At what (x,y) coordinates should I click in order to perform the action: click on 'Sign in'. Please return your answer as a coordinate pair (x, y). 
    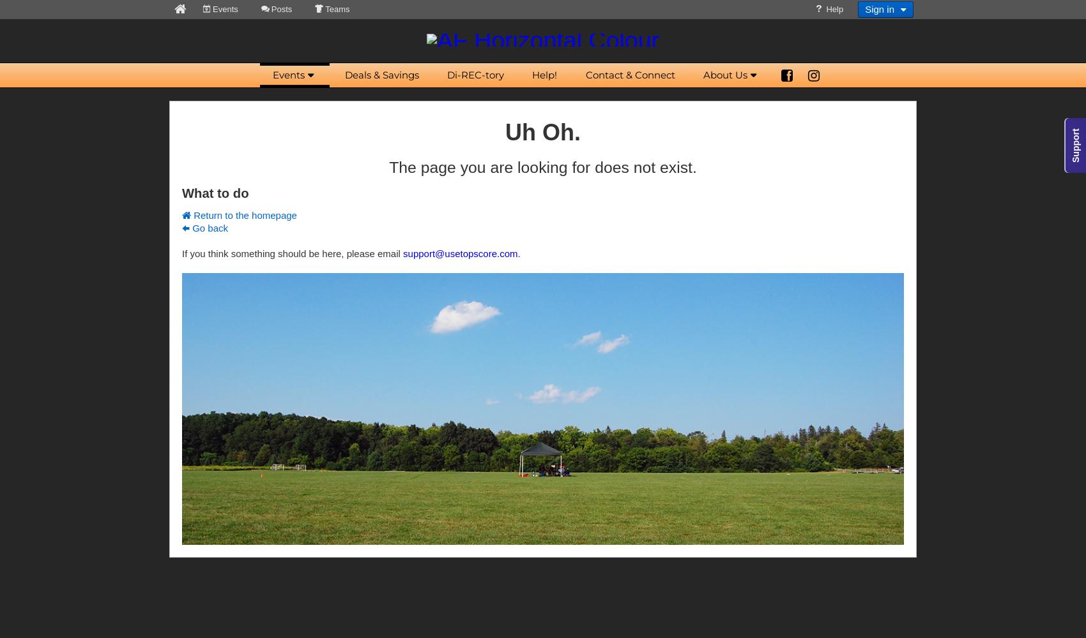
    Looking at the image, I should click on (865, 9).